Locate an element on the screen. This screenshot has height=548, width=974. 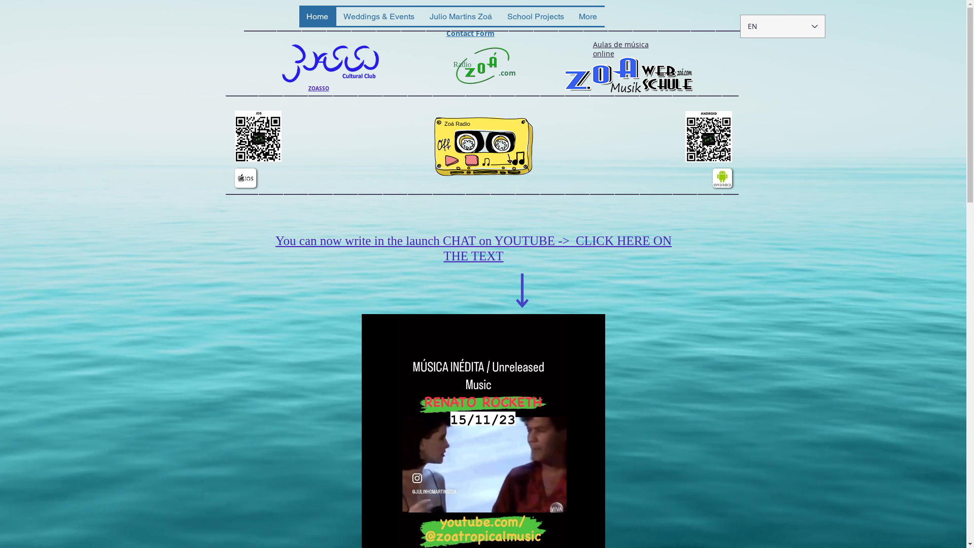
'ZOASSO' is located at coordinates (318, 87).